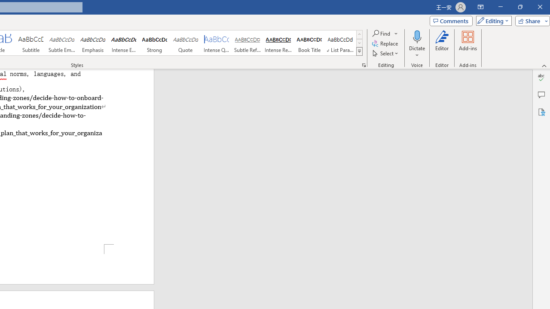 This screenshot has width=550, height=309. I want to click on 'Quote', so click(185, 43).